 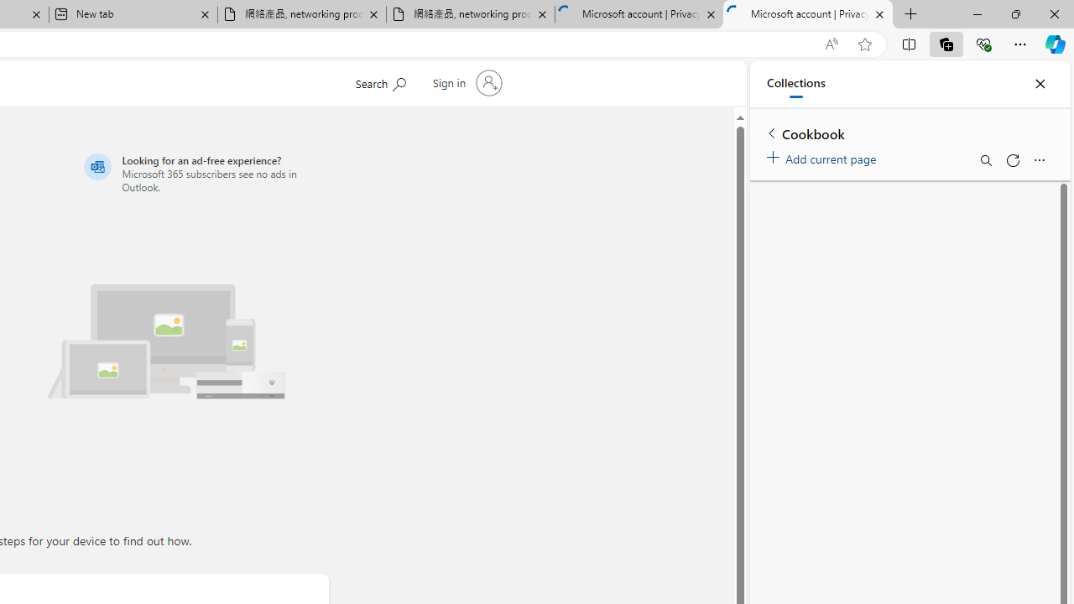 What do you see at coordinates (825, 156) in the screenshot?
I see `'Add current page'` at bounding box center [825, 156].